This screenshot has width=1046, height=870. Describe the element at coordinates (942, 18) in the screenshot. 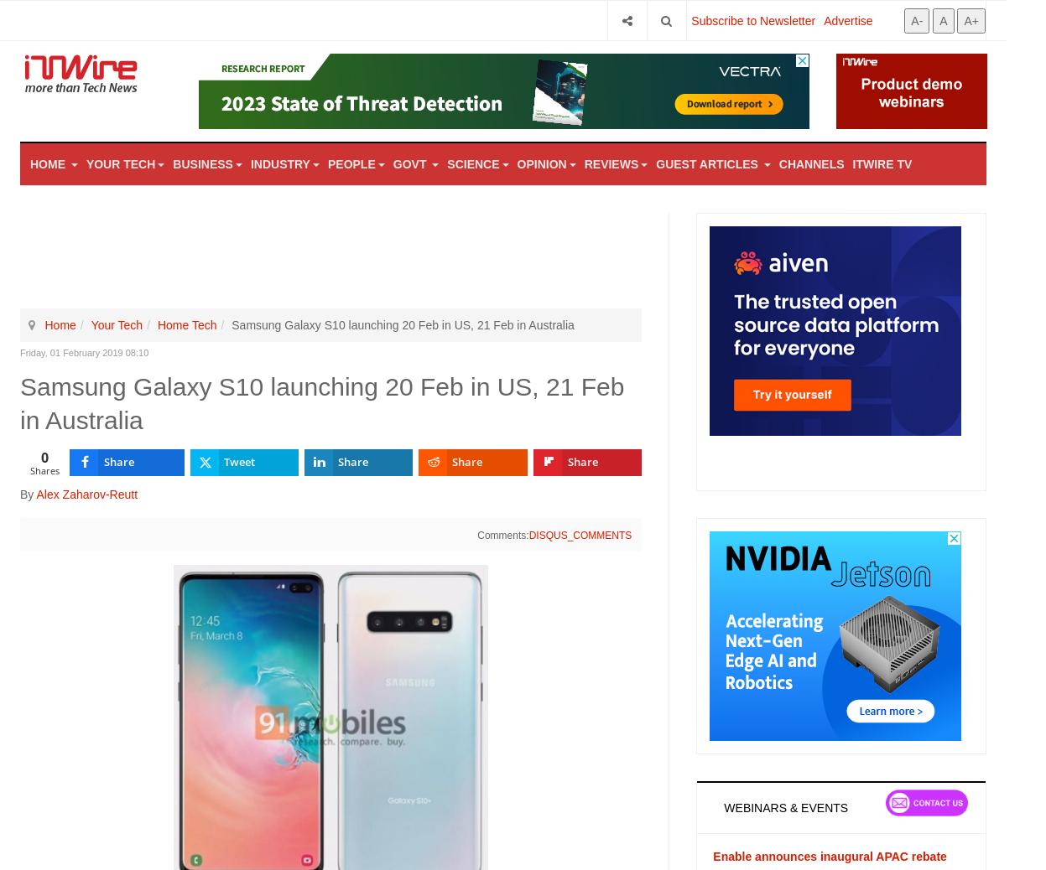

I see `'A'` at that location.